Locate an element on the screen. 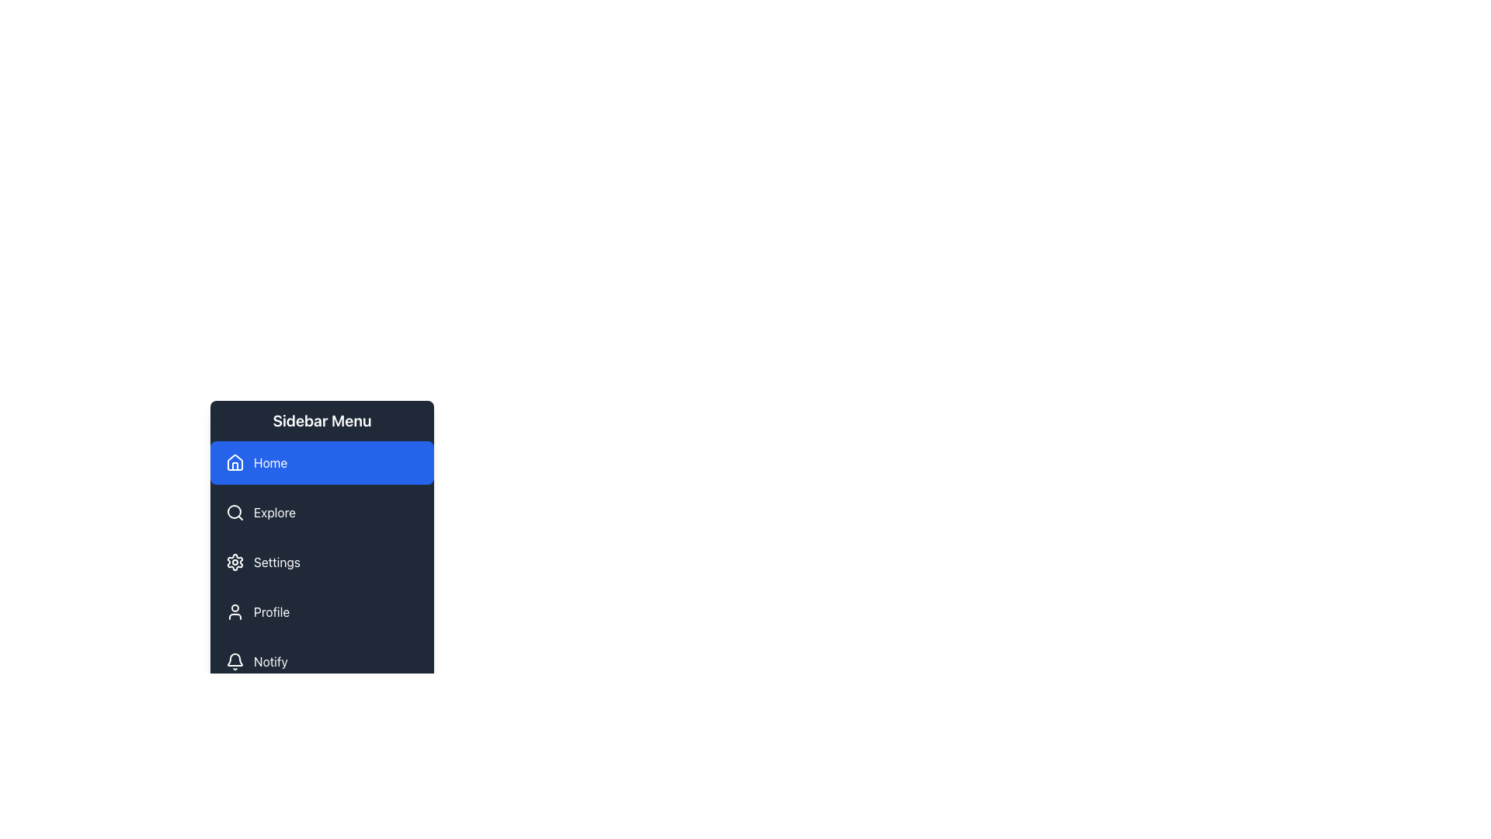 Image resolution: width=1491 pixels, height=839 pixels. the settings icon, which is a gear shape located next to the 'Settings' text label in the sidebar menu is located at coordinates (234, 562).